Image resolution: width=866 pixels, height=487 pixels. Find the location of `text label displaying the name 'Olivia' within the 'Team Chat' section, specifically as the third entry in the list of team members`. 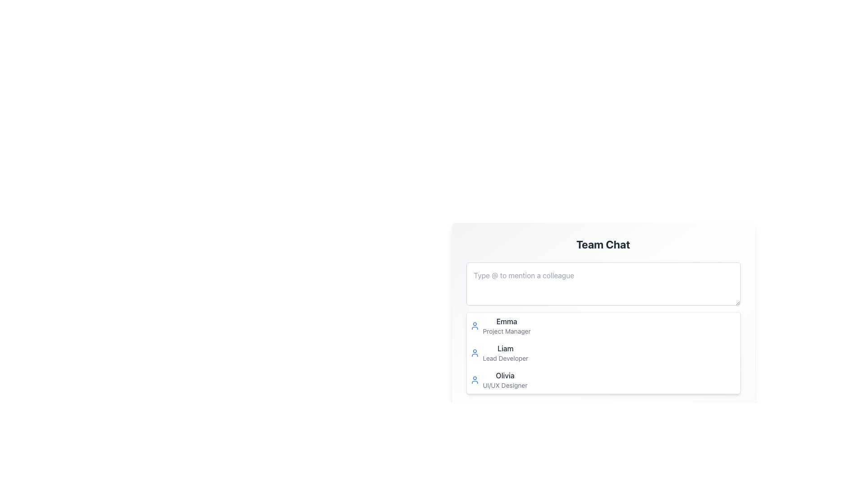

text label displaying the name 'Olivia' within the 'Team Chat' section, specifically as the third entry in the list of team members is located at coordinates (504, 376).